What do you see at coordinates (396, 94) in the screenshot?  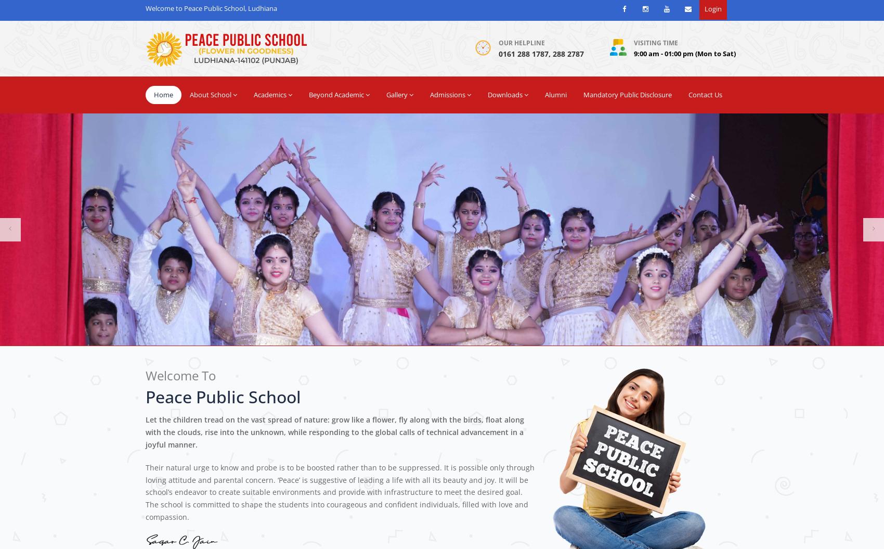 I see `'Gallery'` at bounding box center [396, 94].